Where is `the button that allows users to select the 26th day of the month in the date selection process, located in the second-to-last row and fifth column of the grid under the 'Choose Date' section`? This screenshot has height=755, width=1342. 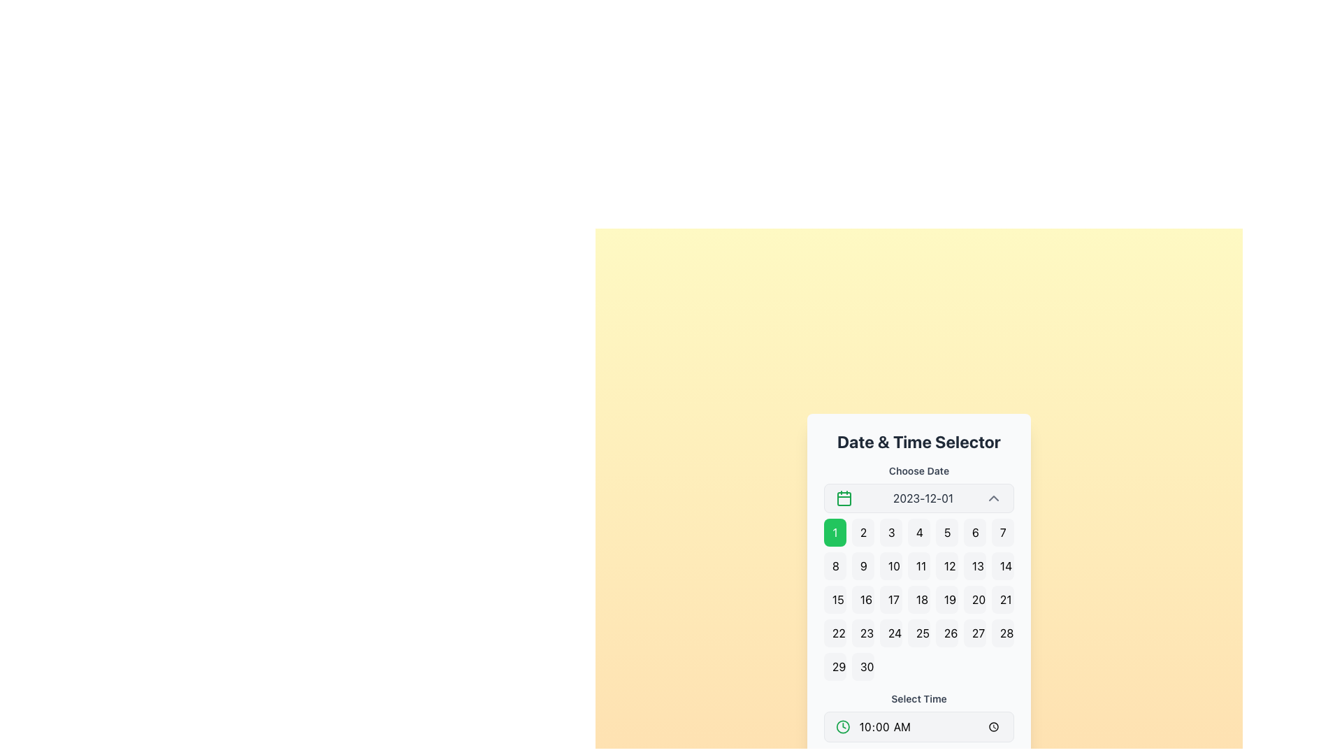 the button that allows users to select the 26th day of the month in the date selection process, located in the second-to-last row and fifth column of the grid under the 'Choose Date' section is located at coordinates (946, 633).